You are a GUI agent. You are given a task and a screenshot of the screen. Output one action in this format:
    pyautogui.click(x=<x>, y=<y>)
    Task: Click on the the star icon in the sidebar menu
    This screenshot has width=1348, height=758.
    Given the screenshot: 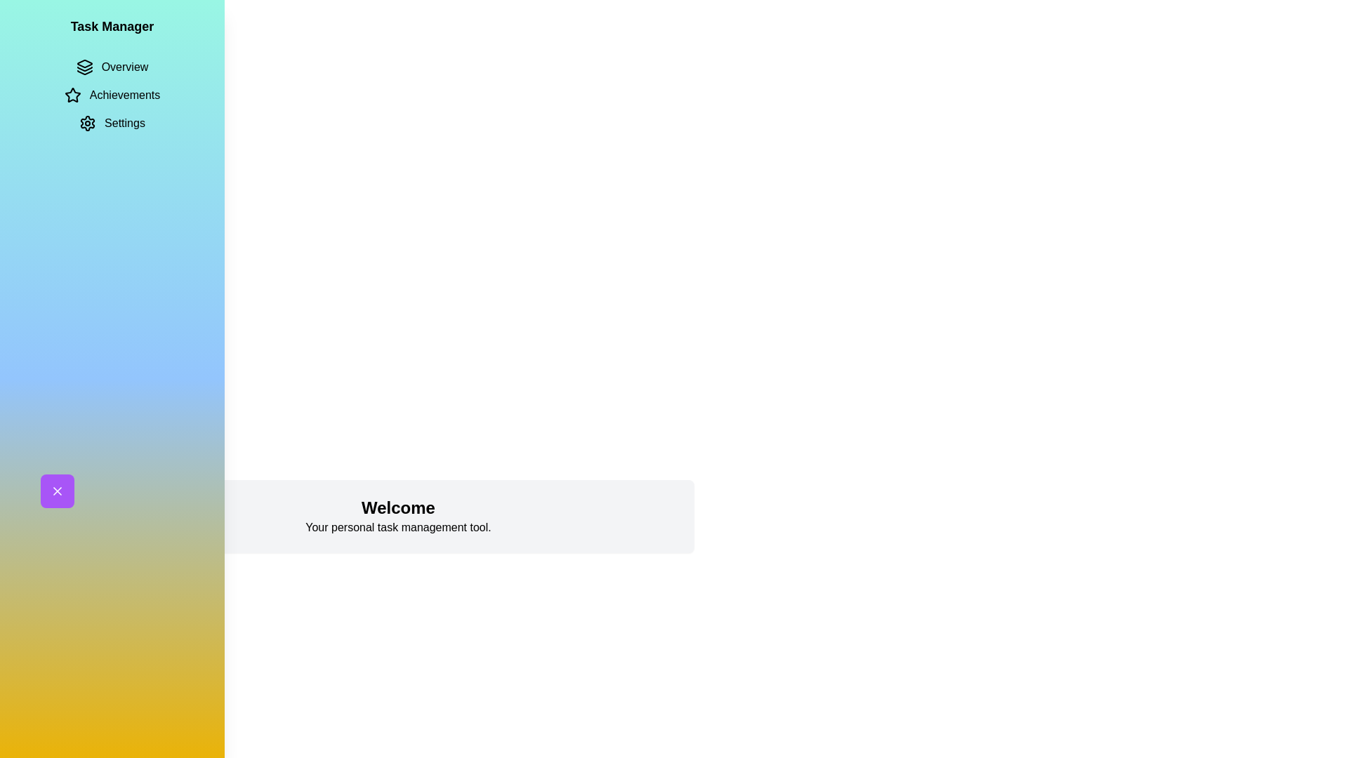 What is the action you would take?
    pyautogui.click(x=72, y=95)
    